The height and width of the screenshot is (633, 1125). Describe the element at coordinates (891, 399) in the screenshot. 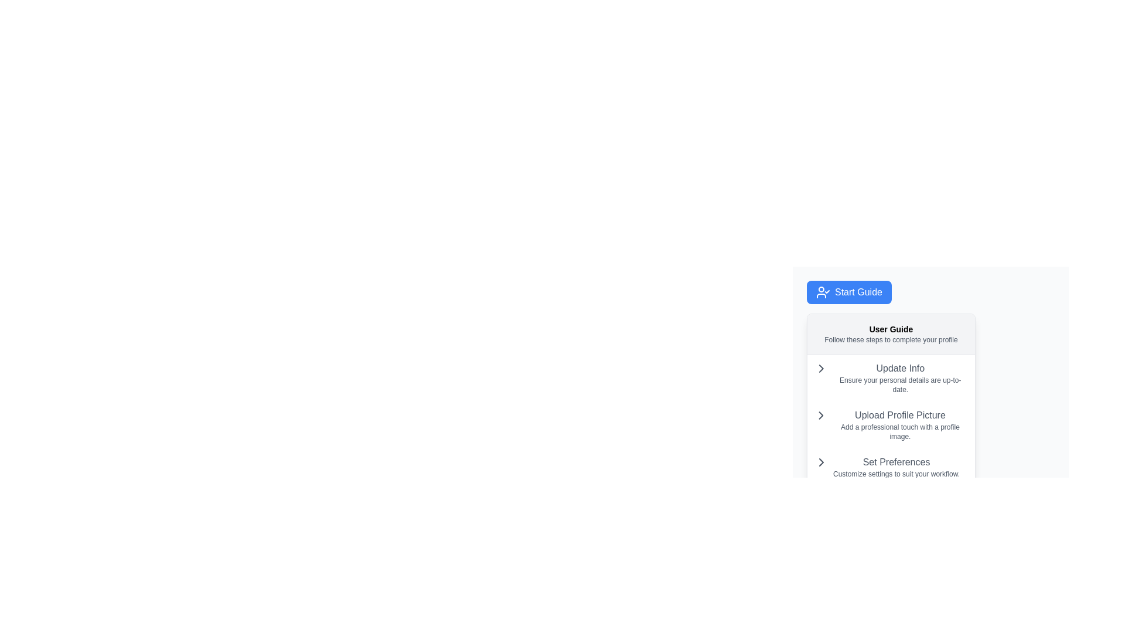

I see `the Informational Panel` at that location.